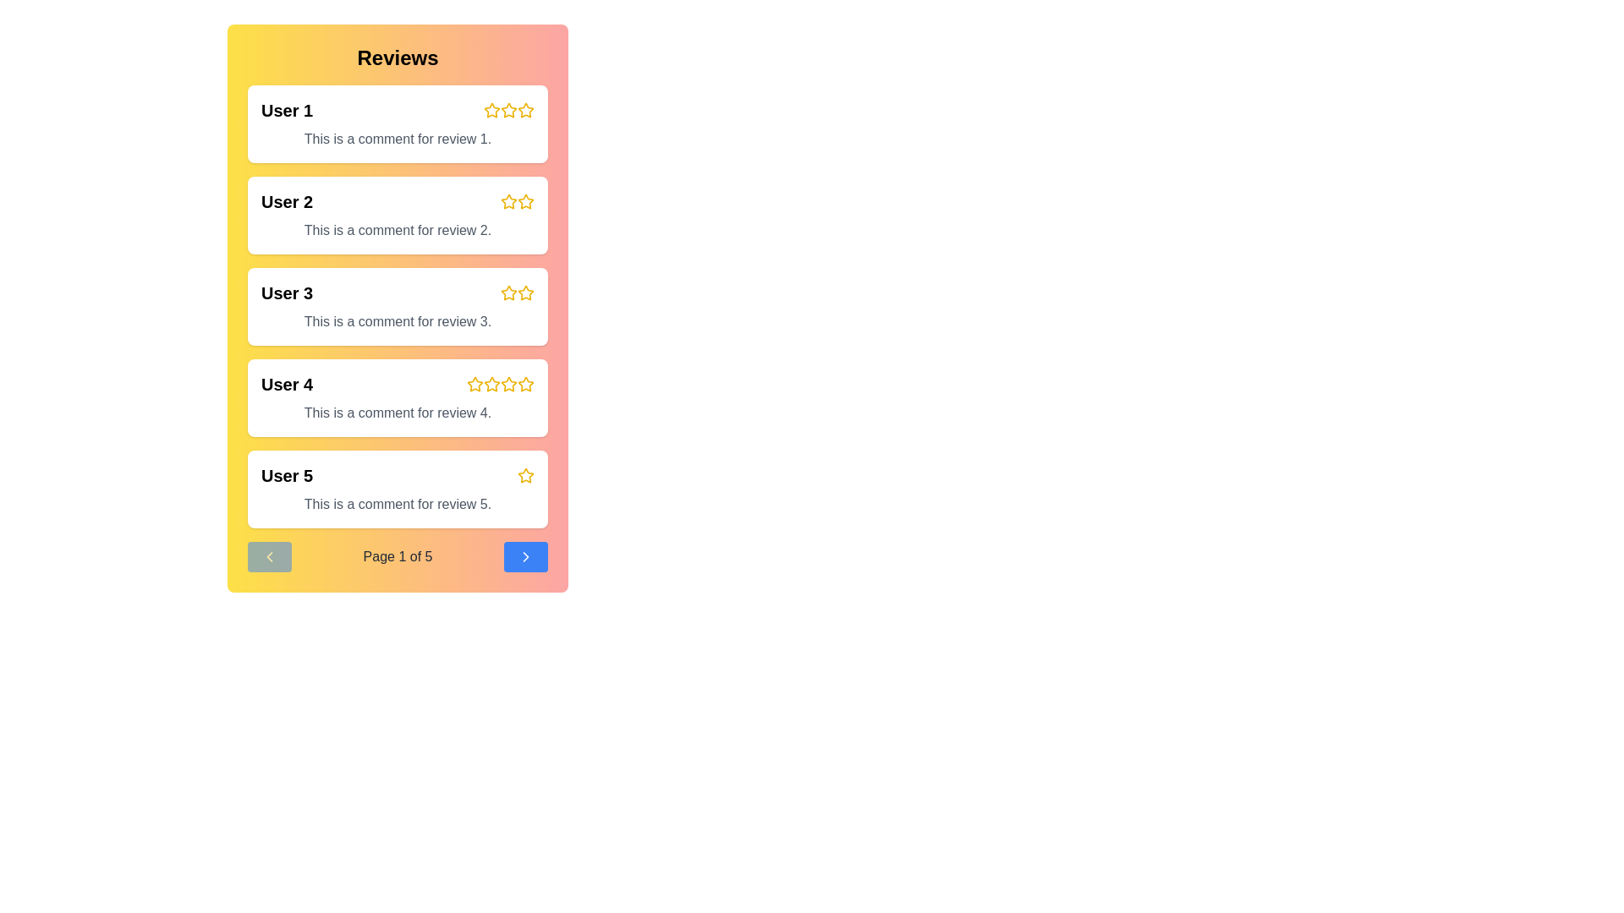 The height and width of the screenshot is (913, 1624). What do you see at coordinates (524, 557) in the screenshot?
I see `the blue rounded button with white text and a right-pointing arrow icon` at bounding box center [524, 557].